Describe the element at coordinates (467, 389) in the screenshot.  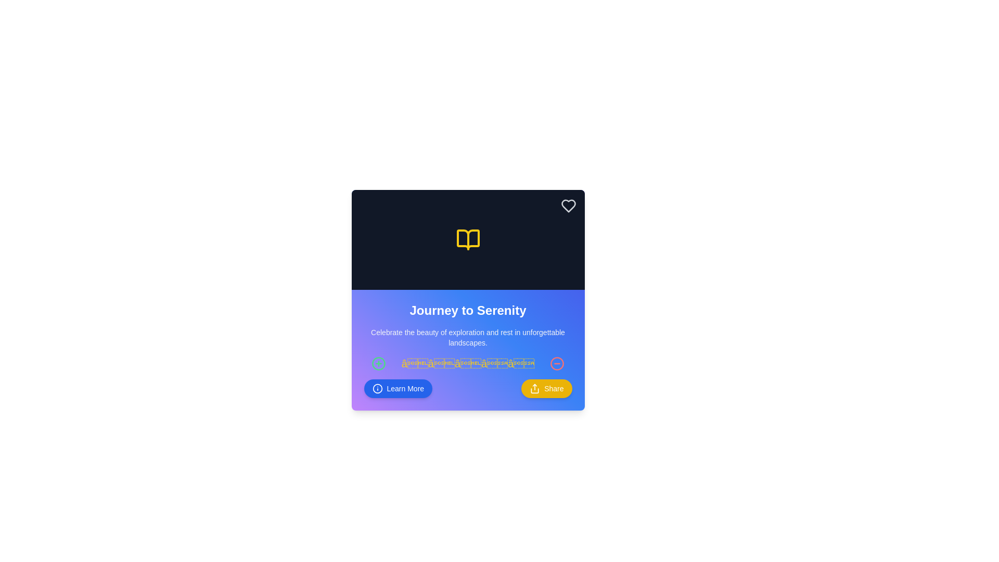
I see `the 'Learn More' button located at the bottom of the card layout under the title 'Journey to Serenity'` at that location.